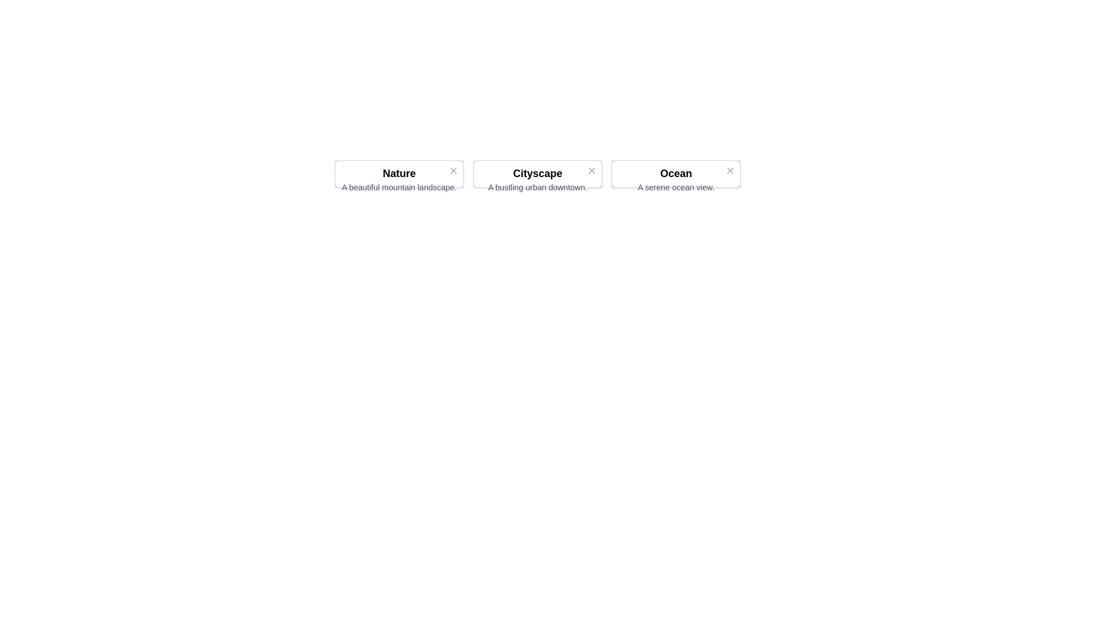  Describe the element at coordinates (399, 179) in the screenshot. I see `the informational section in the leftmost card of a horizontal group, which provides a title and description related to nature, positioned to the left of the 'Cityscape' and 'Ocean' cards` at that location.